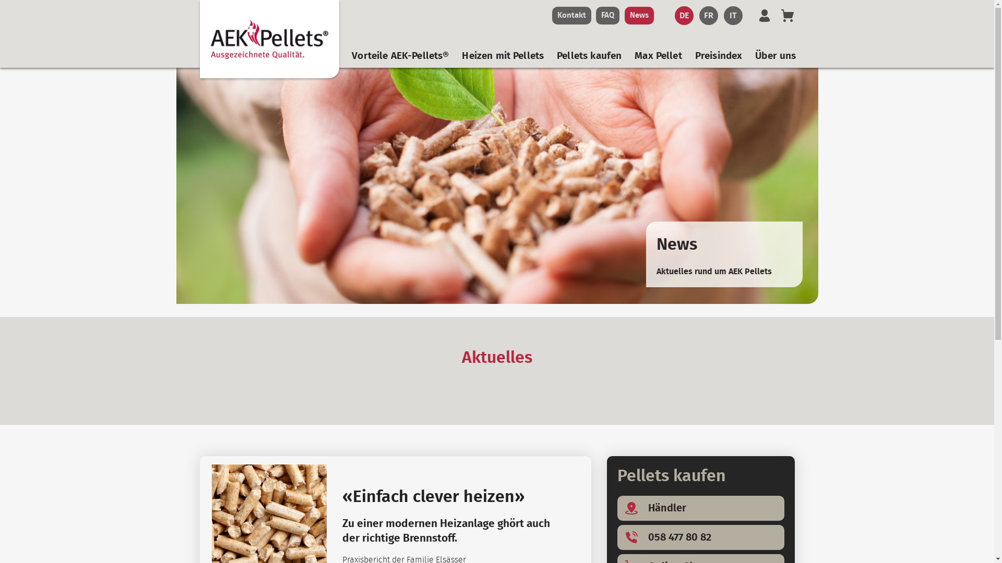 The height and width of the screenshot is (563, 1002). Describe the element at coordinates (684, 16) in the screenshot. I see `'DE'` at that location.